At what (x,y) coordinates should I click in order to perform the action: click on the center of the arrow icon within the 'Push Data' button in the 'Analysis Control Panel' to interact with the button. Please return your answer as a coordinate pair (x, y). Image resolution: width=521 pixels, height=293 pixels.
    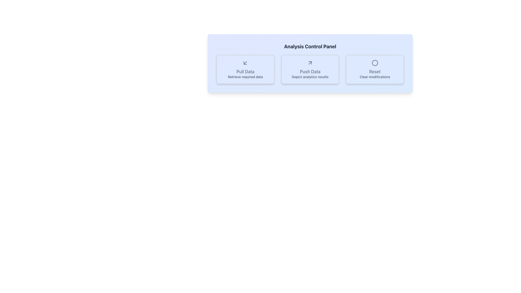
    Looking at the image, I should click on (310, 62).